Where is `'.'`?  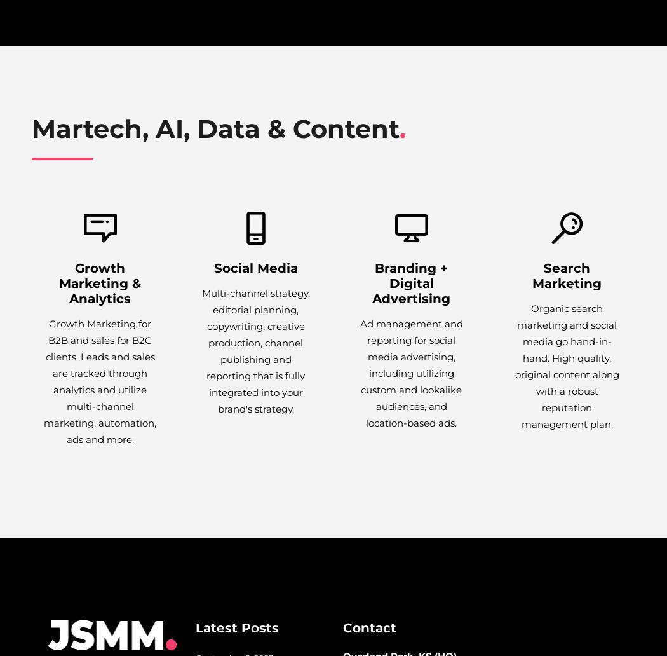 '.' is located at coordinates (399, 128).